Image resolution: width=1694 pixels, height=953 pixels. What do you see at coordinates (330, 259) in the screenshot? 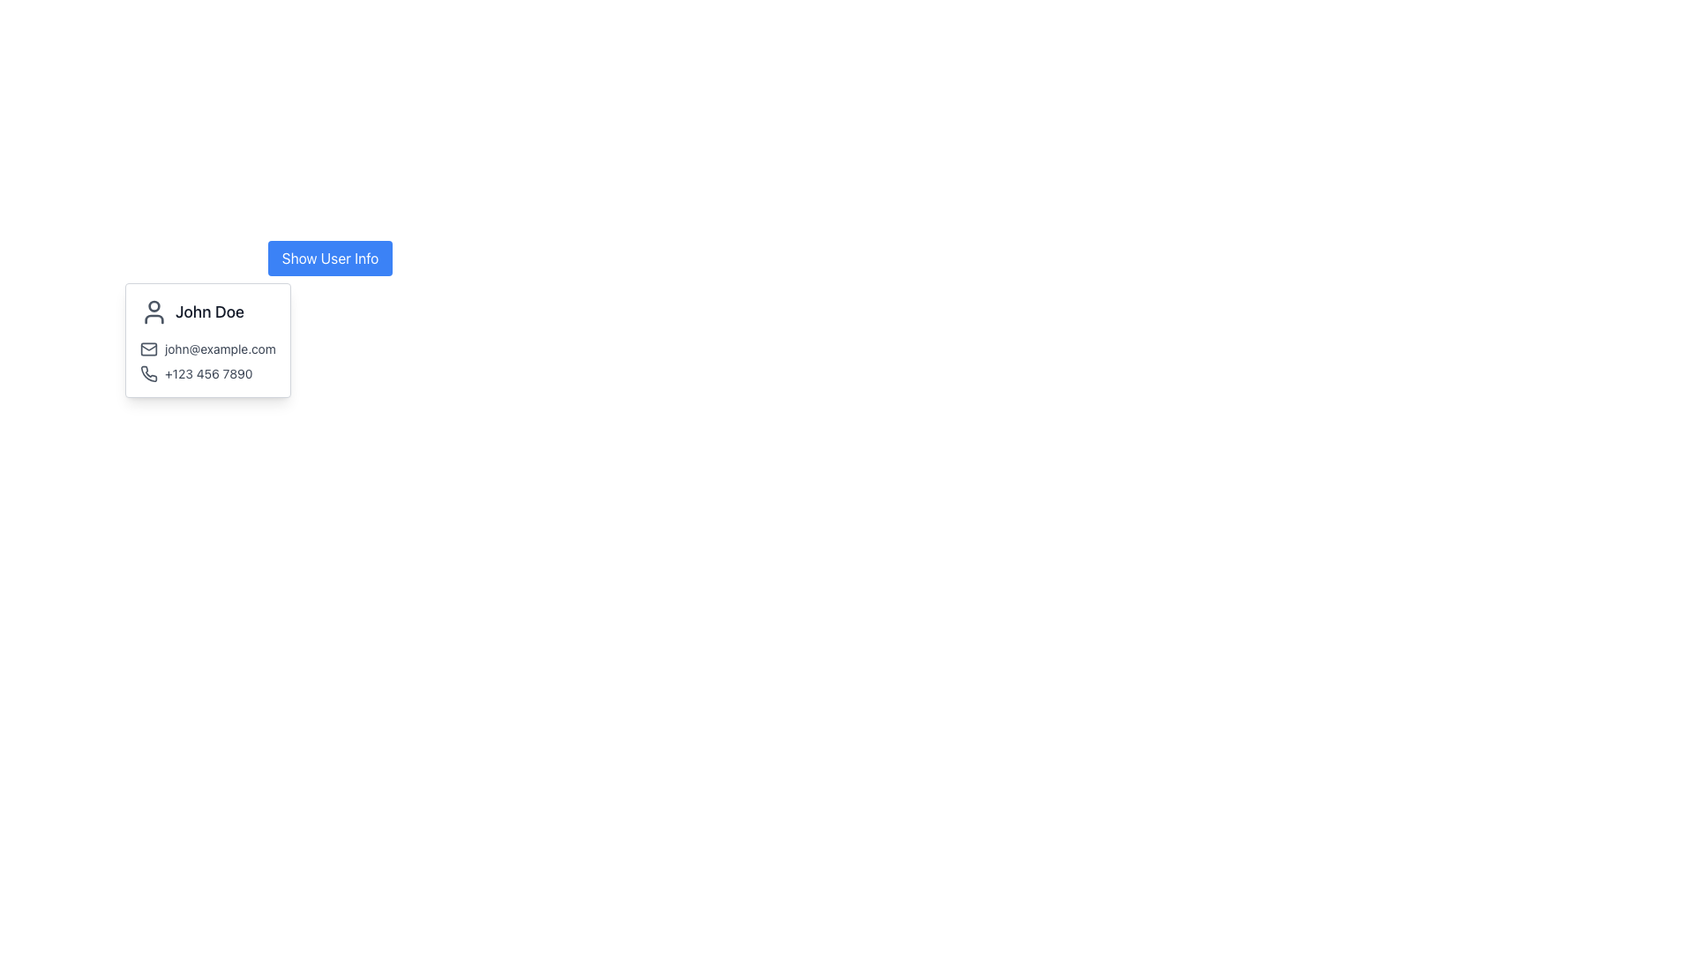
I see `the 'Show User Info' button to change its color` at bounding box center [330, 259].